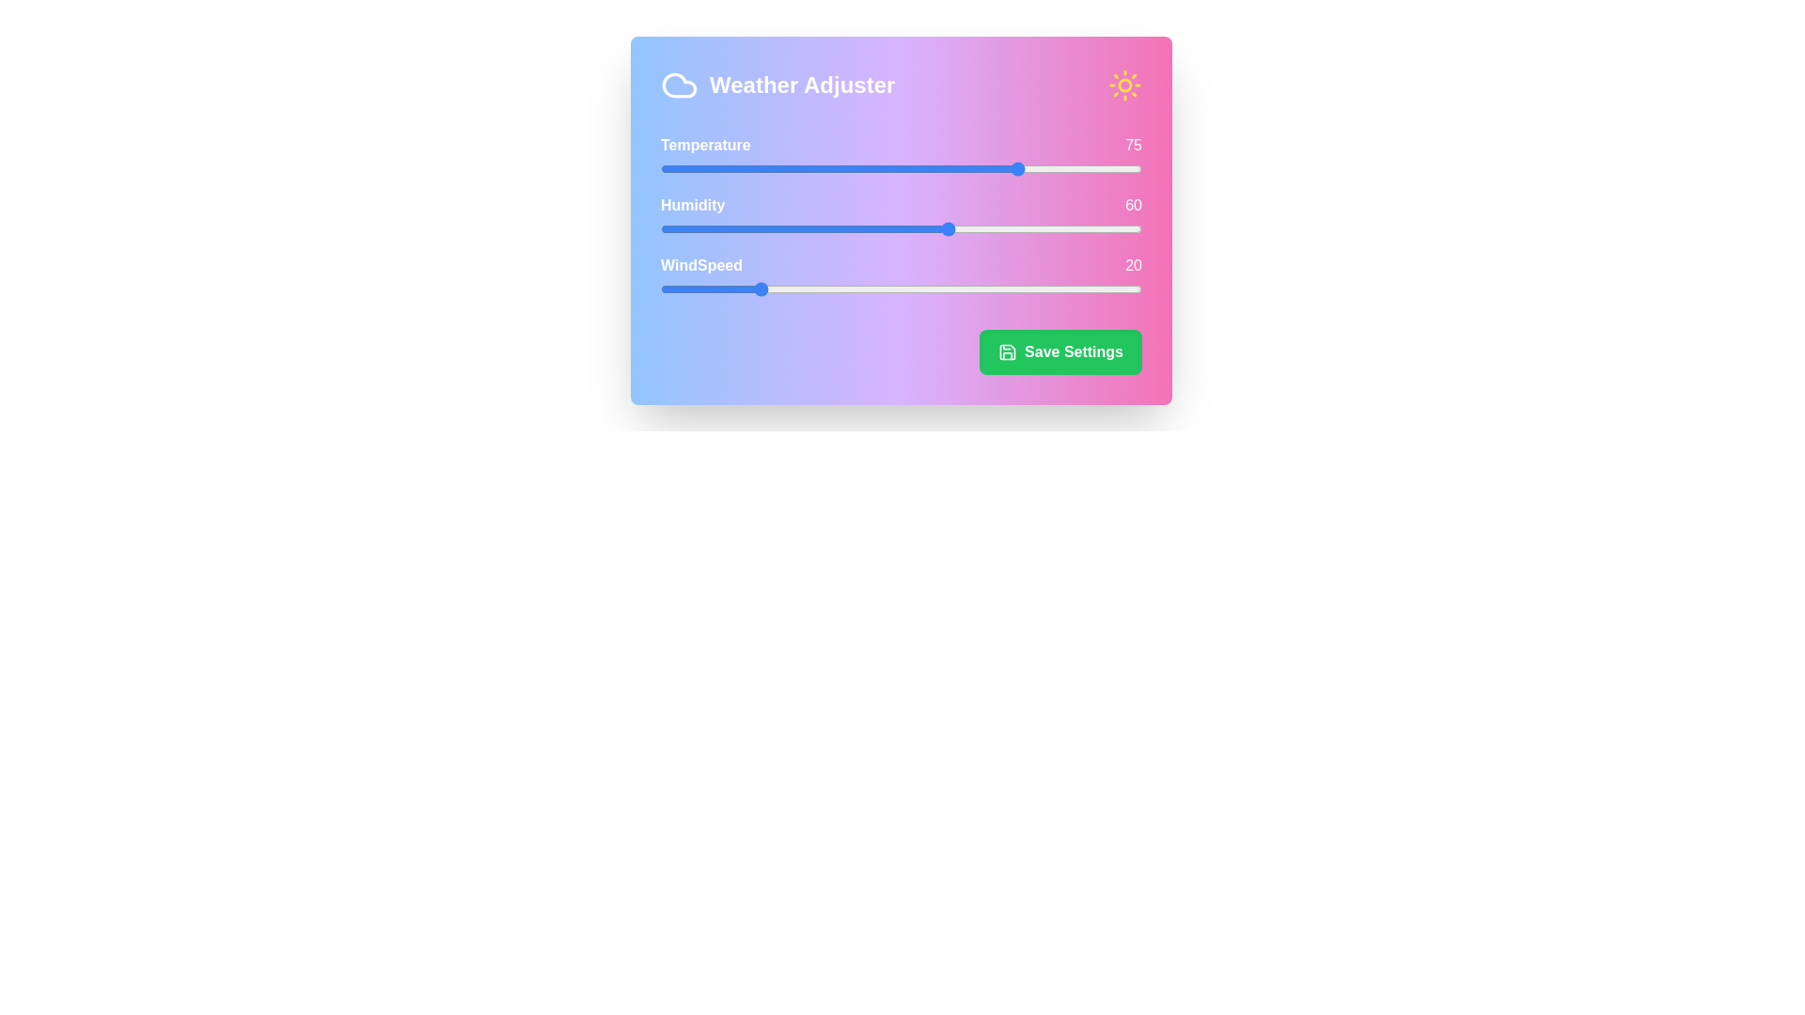 This screenshot has width=1805, height=1015. What do you see at coordinates (950, 169) in the screenshot?
I see `the temperature slider` at bounding box center [950, 169].